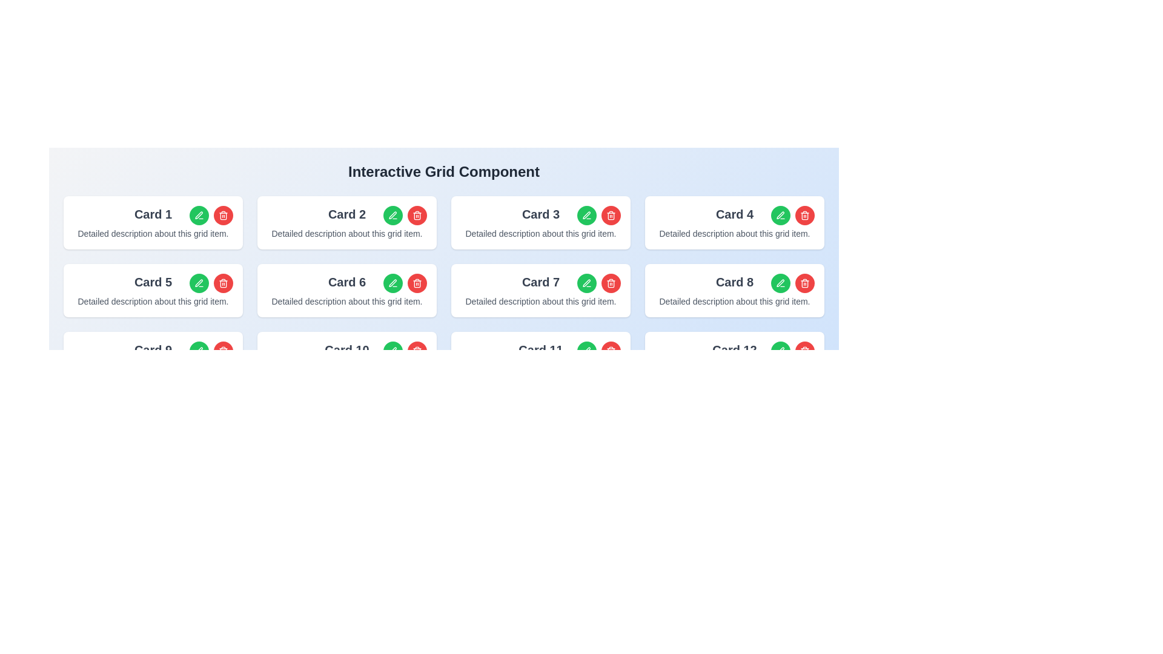 The width and height of the screenshot is (1163, 654). Describe the element at coordinates (417, 283) in the screenshot. I see `the trash icon button located` at that location.